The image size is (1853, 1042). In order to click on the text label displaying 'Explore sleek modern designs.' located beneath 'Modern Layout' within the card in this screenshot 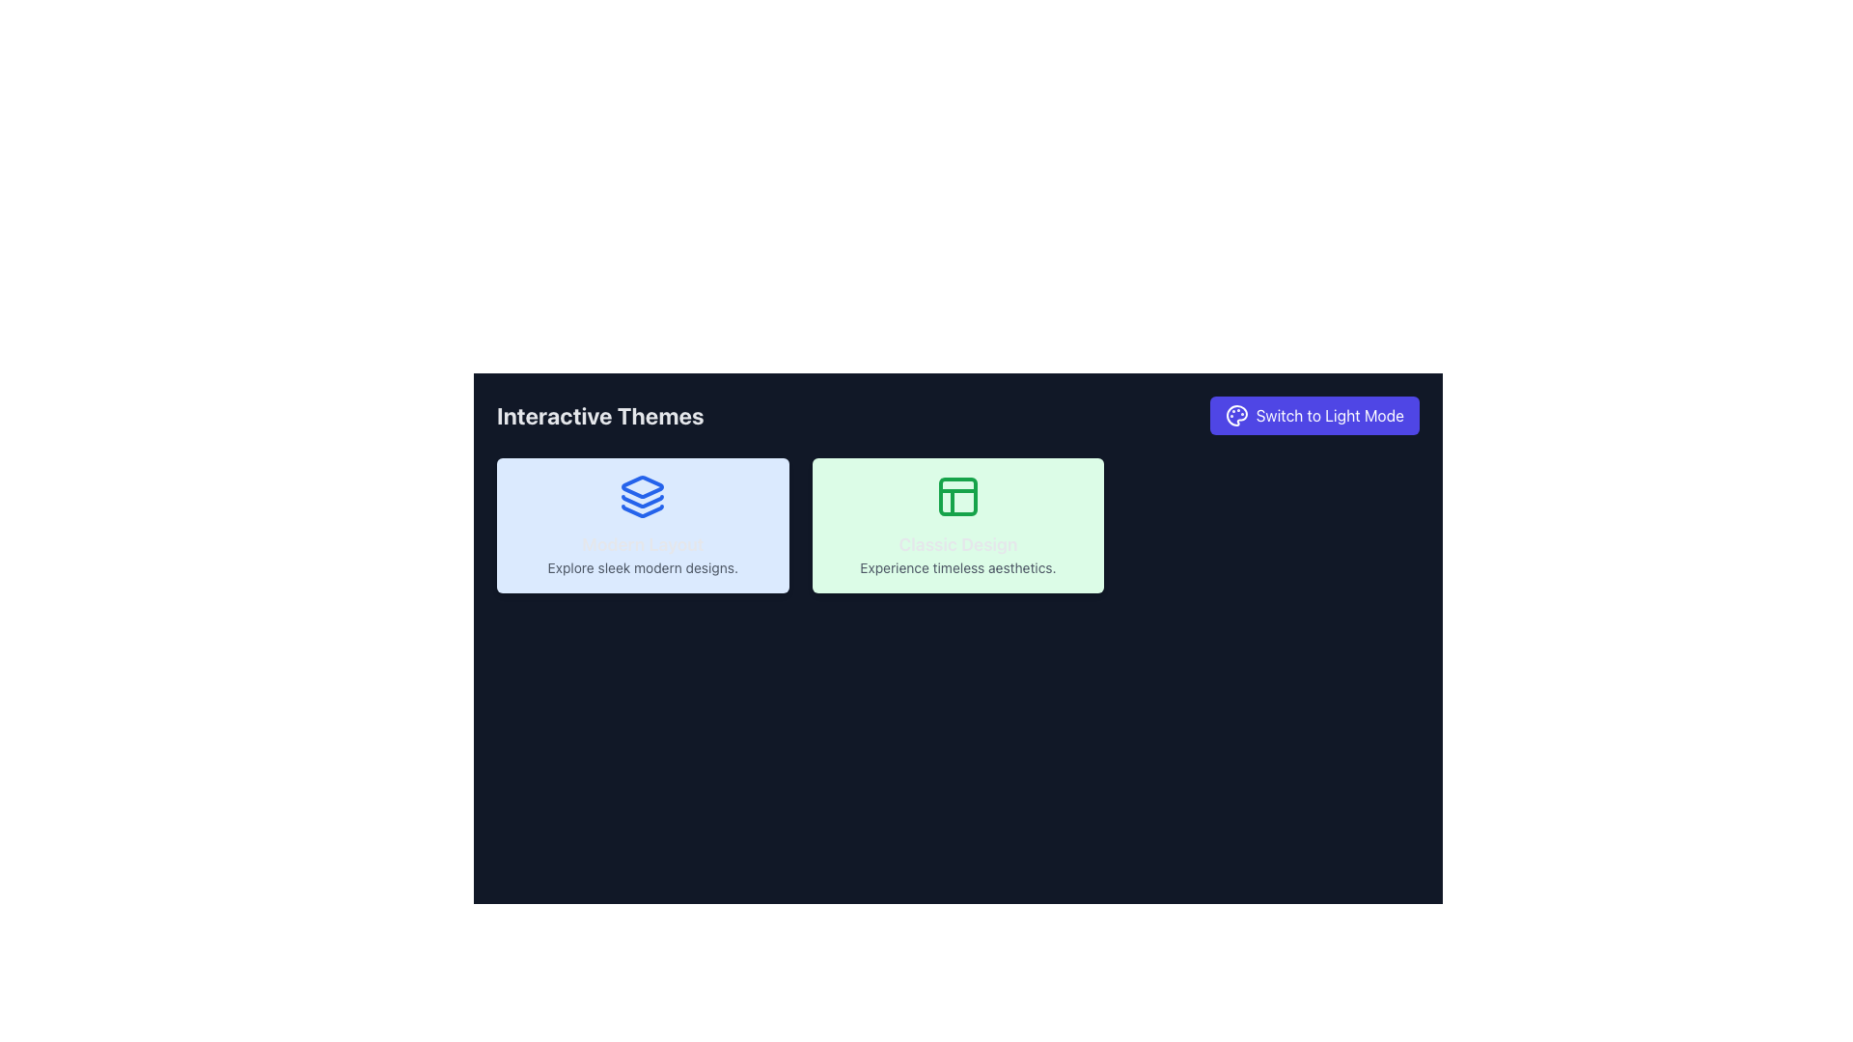, I will do `click(643, 567)`.